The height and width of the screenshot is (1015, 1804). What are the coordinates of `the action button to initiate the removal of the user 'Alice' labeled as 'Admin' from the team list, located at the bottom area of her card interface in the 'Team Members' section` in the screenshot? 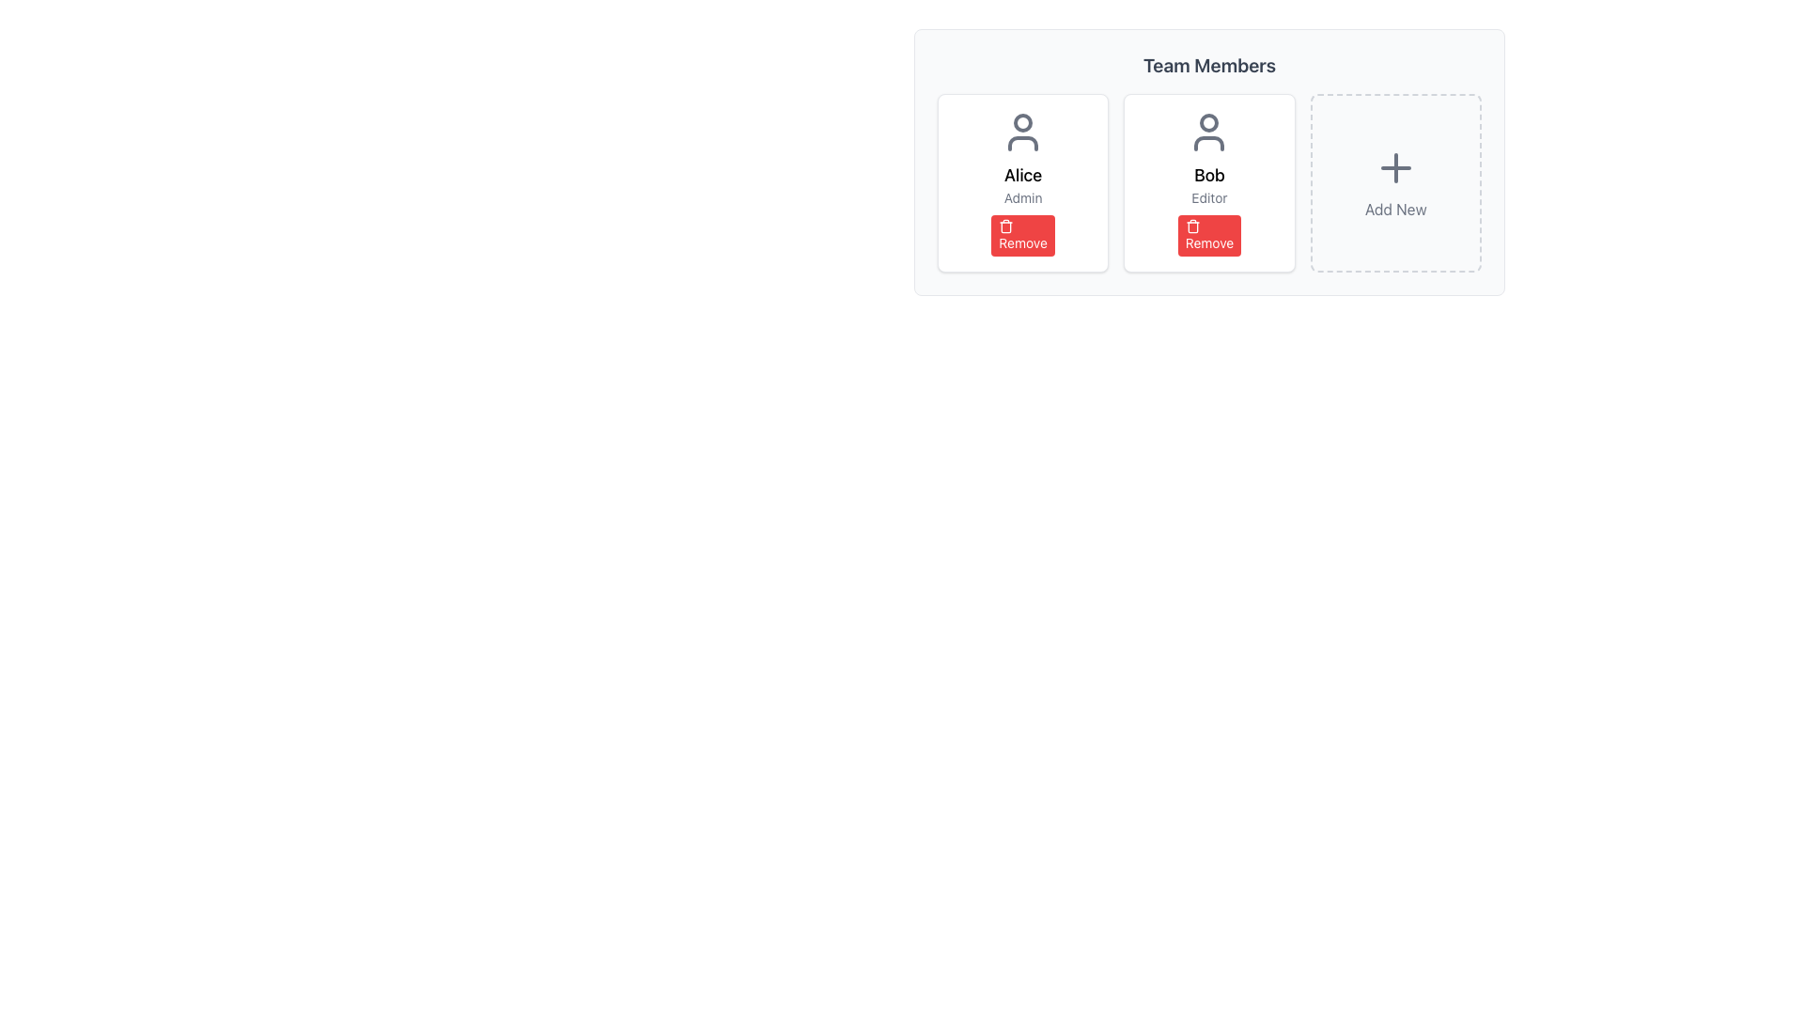 It's located at (1022, 234).